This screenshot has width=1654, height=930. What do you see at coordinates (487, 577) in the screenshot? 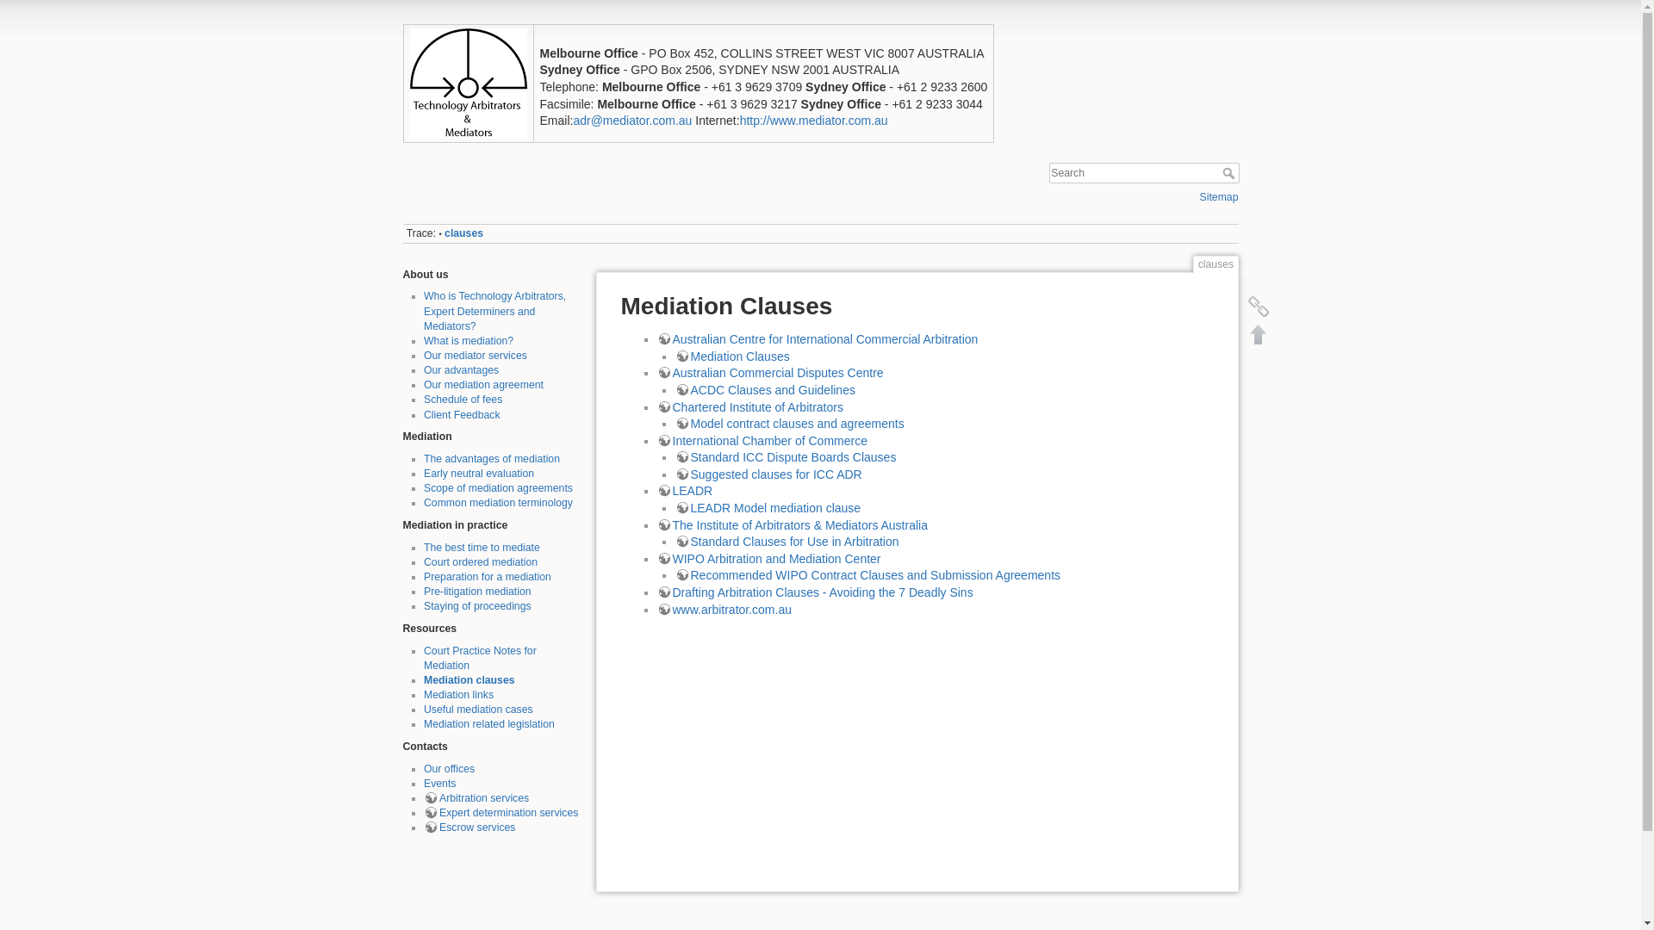
I see `'Preparation for a mediation'` at bounding box center [487, 577].